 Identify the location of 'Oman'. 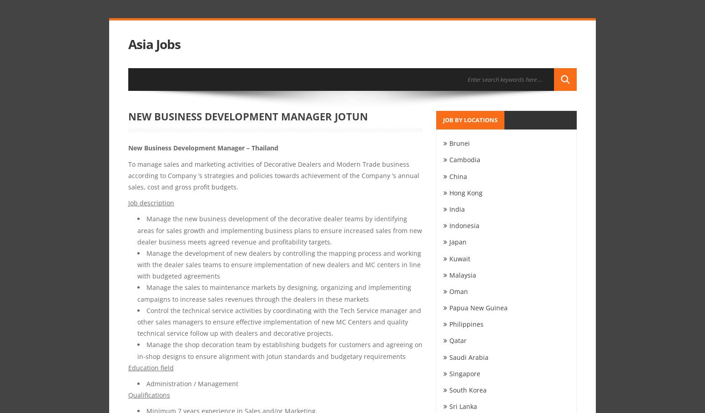
(458, 290).